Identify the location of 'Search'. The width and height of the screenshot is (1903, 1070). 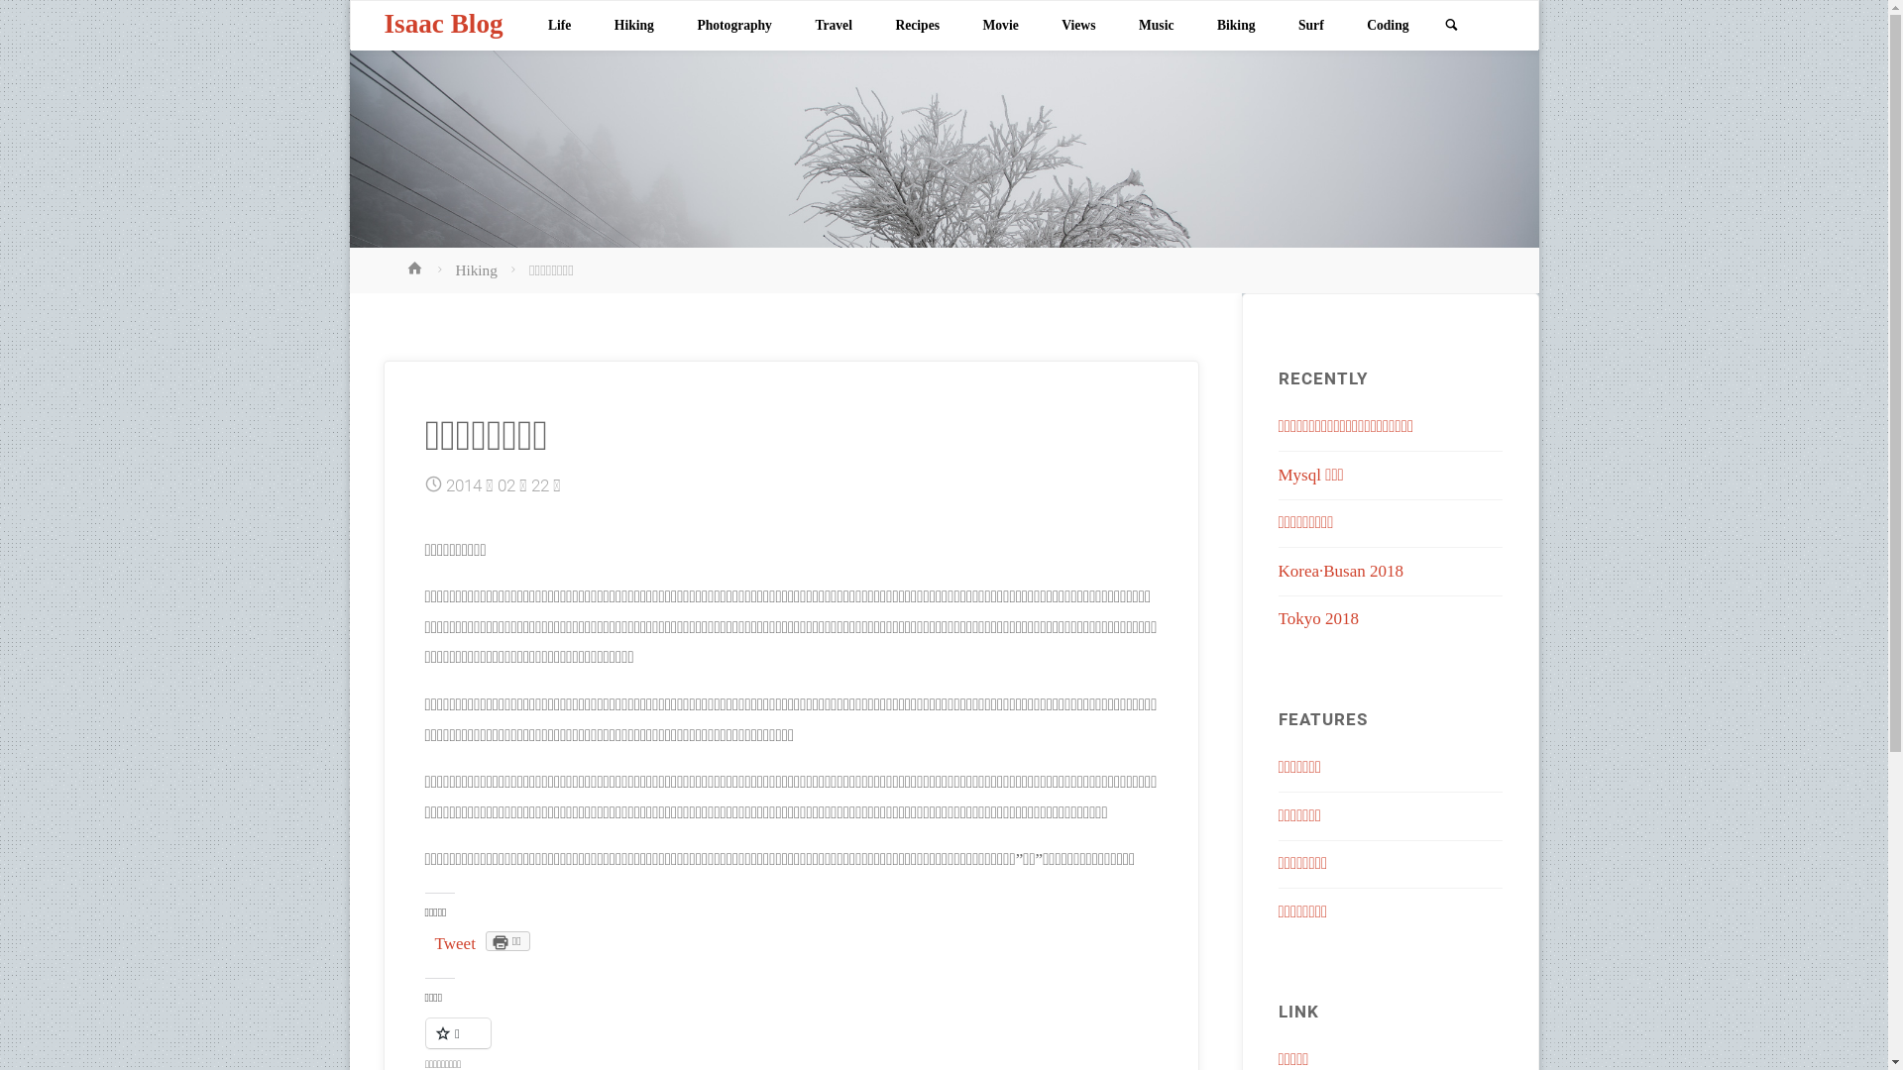
(1451, 27).